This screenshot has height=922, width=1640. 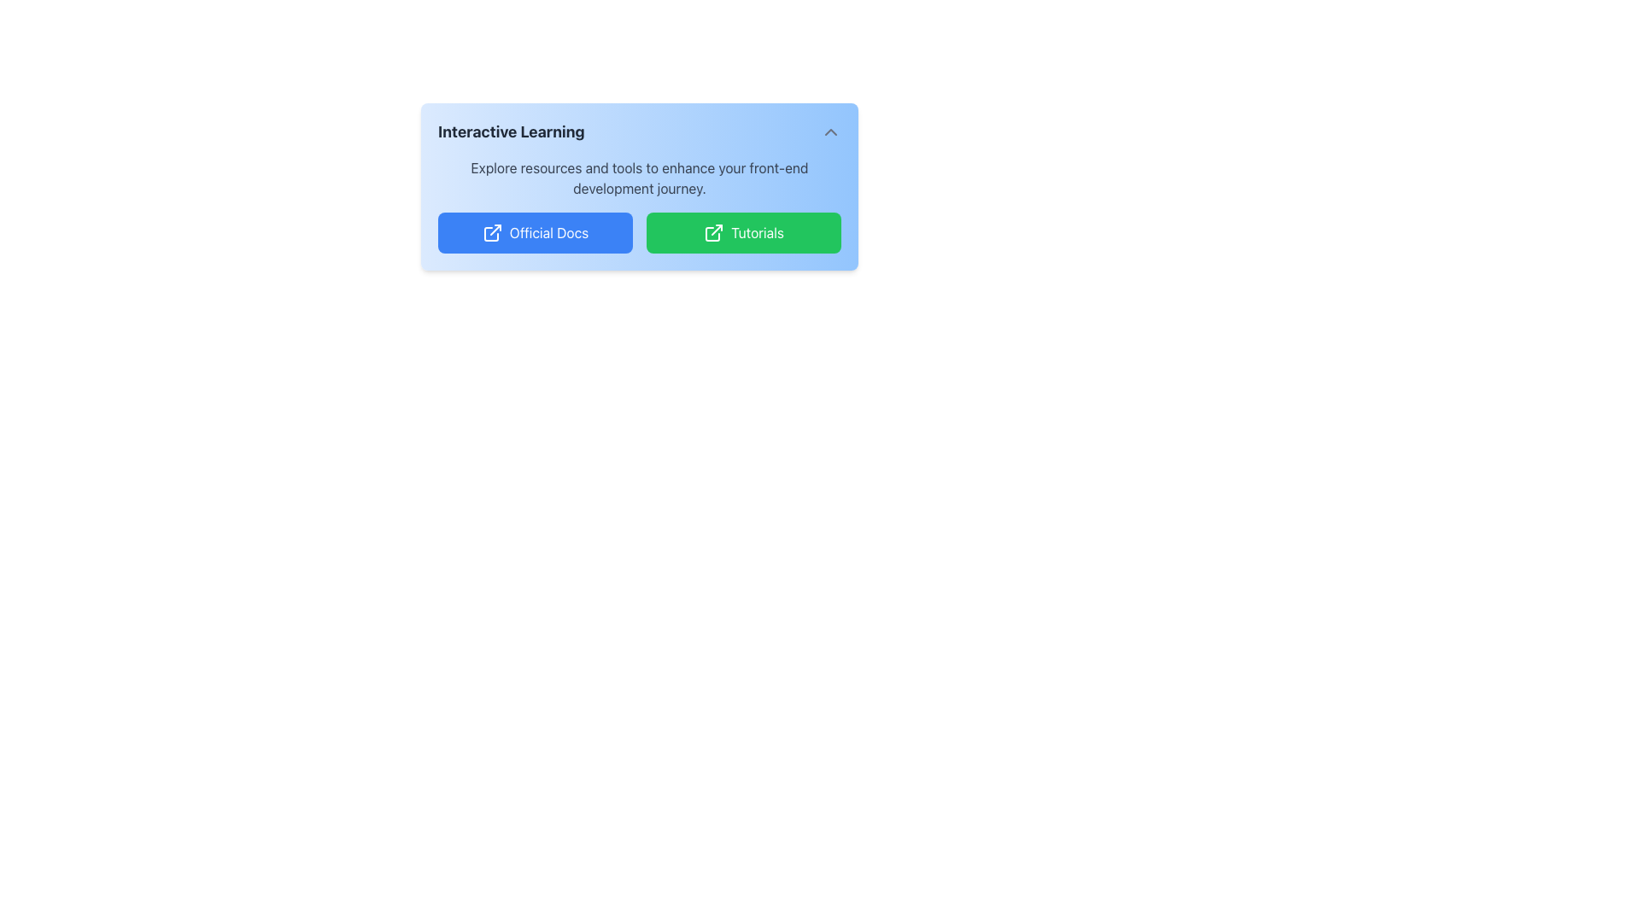 I want to click on header text at the top left of the card-like section, which provides context for the content below, so click(x=510, y=131).